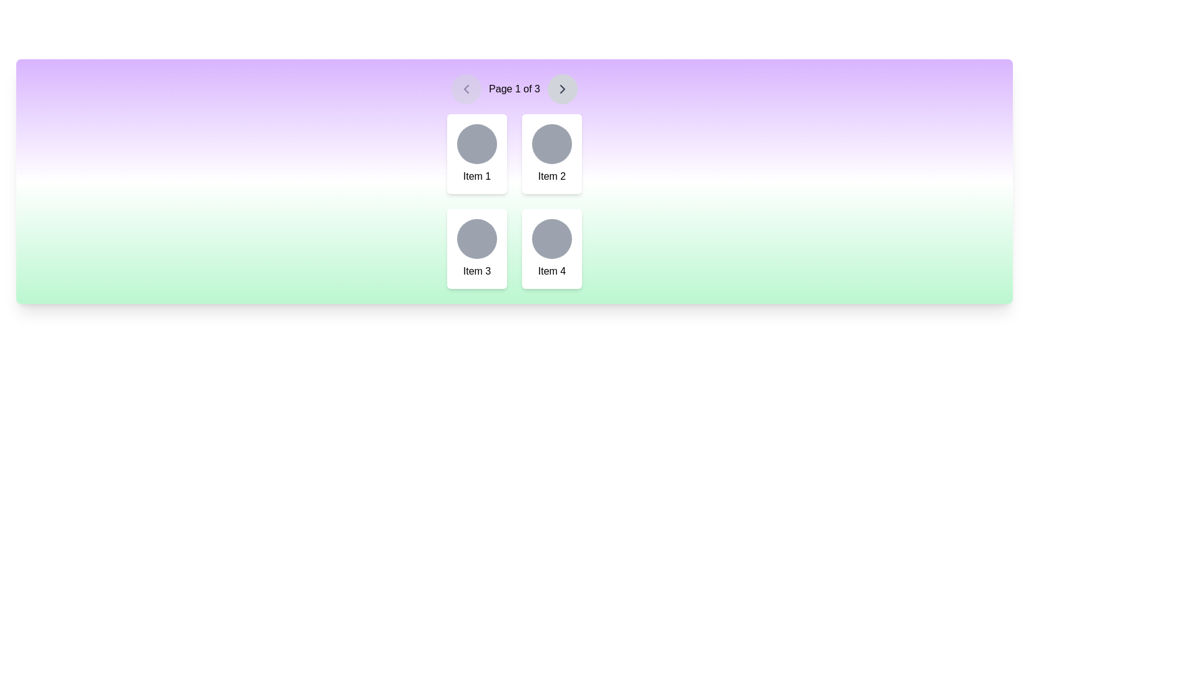 This screenshot has height=674, width=1199. What do you see at coordinates (561, 88) in the screenshot?
I see `the right-facing chevron icon in the navigation bar` at bounding box center [561, 88].